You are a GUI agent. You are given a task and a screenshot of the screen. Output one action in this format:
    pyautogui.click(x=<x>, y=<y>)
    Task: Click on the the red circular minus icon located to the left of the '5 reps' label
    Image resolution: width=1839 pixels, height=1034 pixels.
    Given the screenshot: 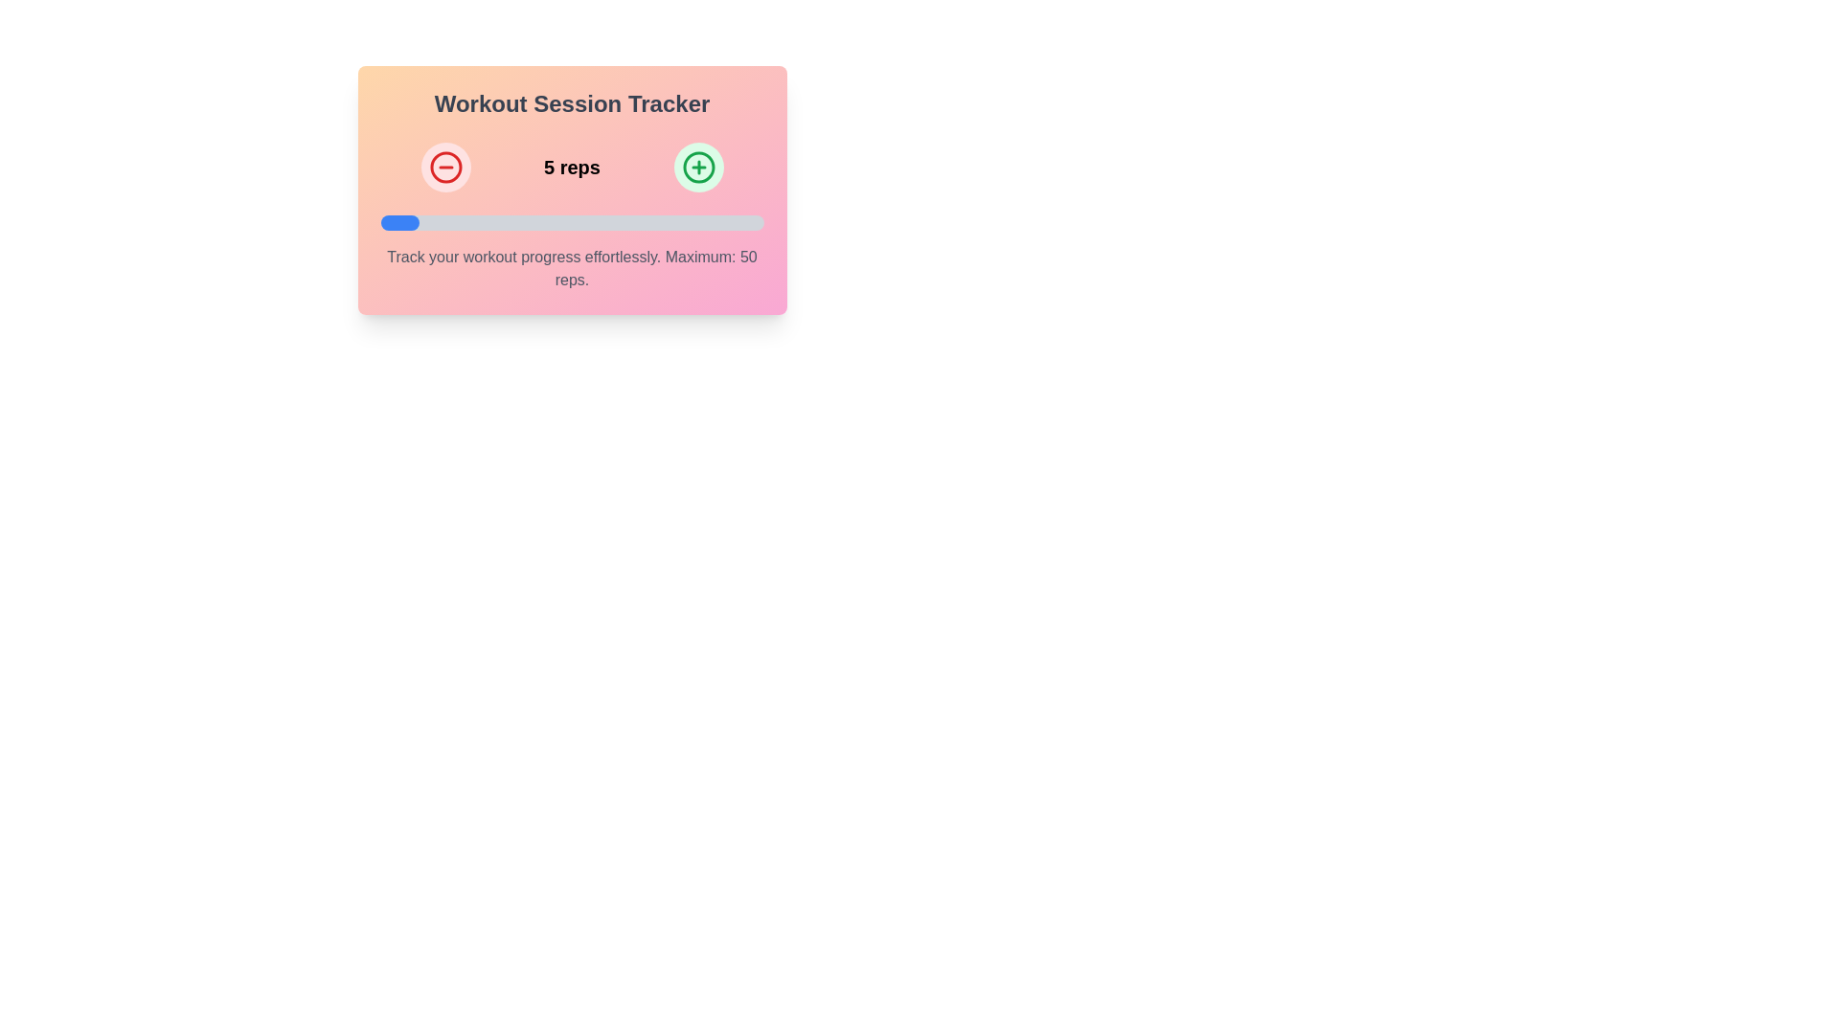 What is the action you would take?
    pyautogui.click(x=444, y=166)
    